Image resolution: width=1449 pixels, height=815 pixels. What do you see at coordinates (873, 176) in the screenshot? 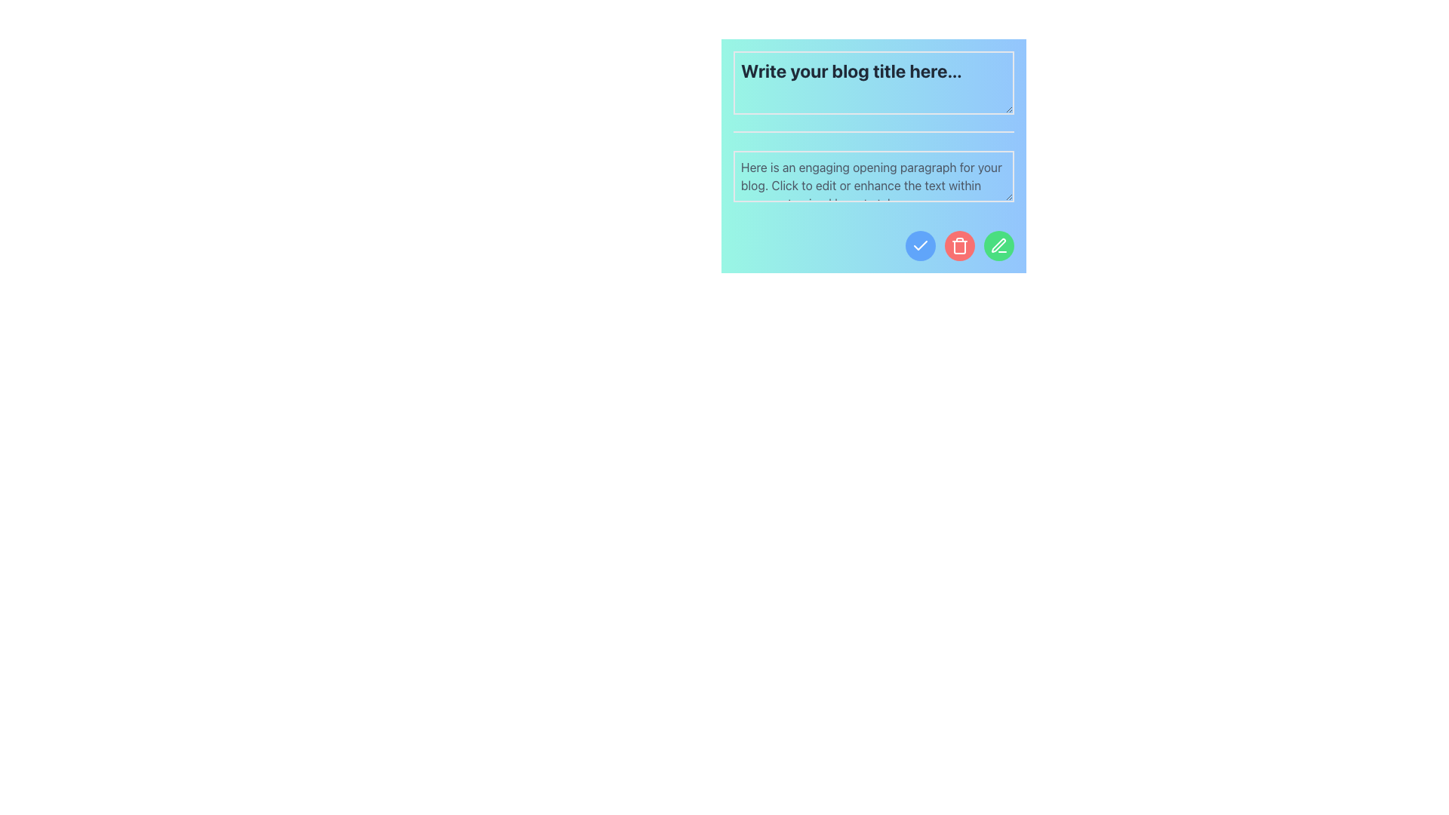
I see `on the text input box containing the placeholder text: 'Here is an engaging opening paragraph for your blog. Click` at bounding box center [873, 176].